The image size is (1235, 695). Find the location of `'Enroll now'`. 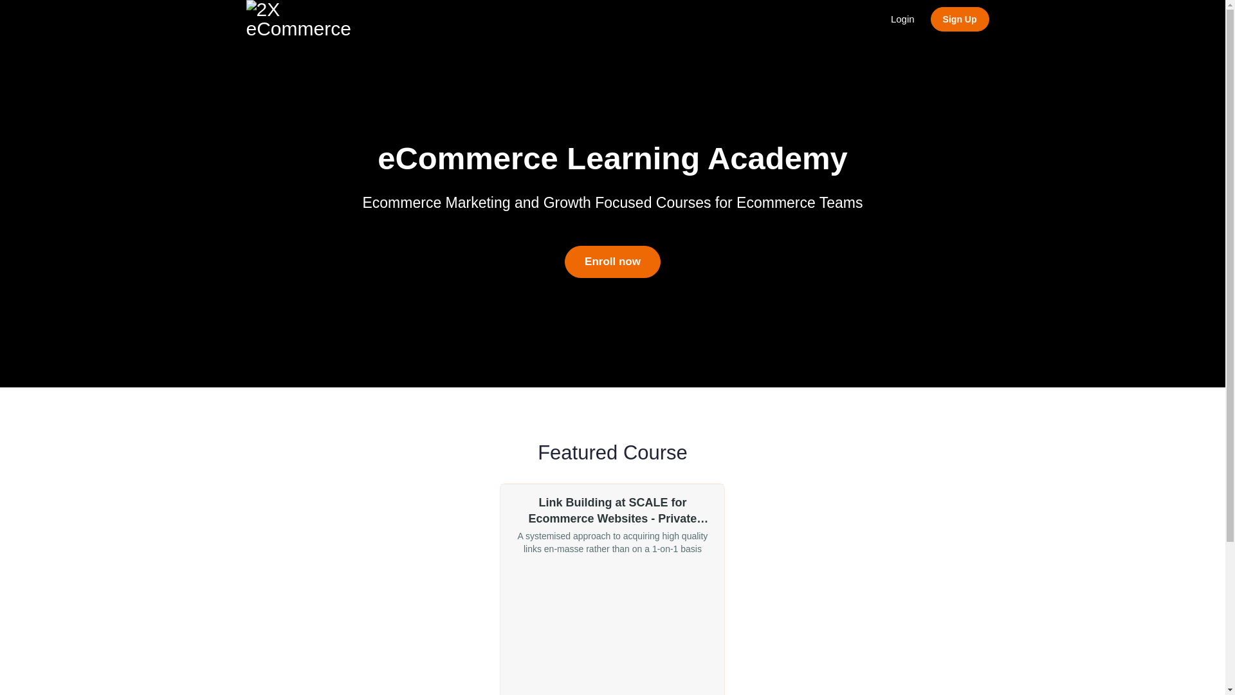

'Enroll now' is located at coordinates (612, 261).